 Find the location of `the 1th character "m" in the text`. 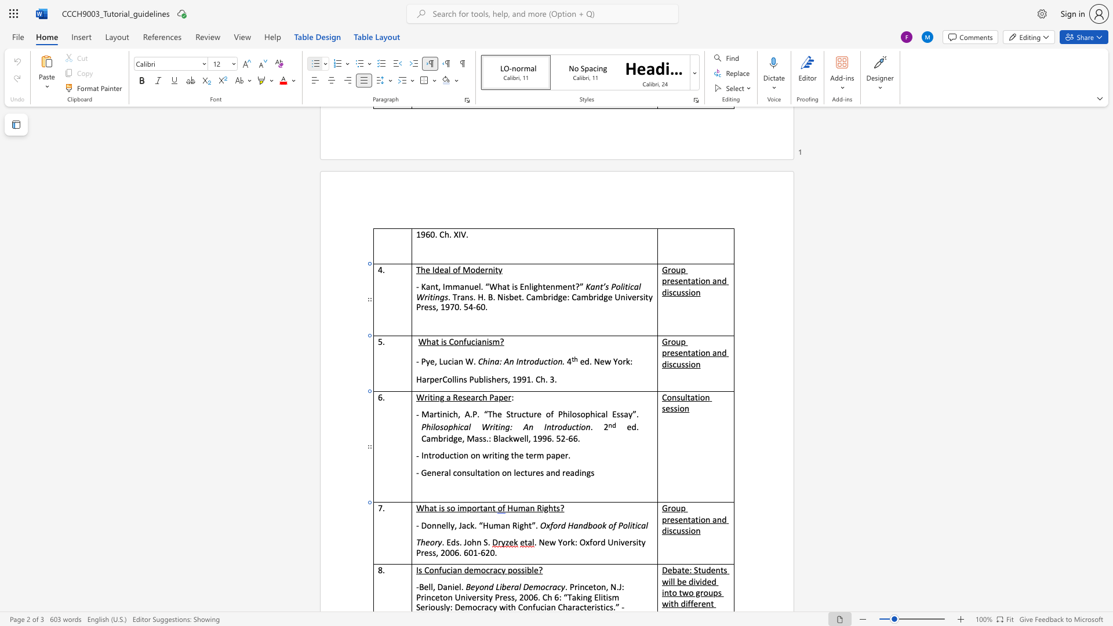

the 1th character "m" in the text is located at coordinates (463, 507).